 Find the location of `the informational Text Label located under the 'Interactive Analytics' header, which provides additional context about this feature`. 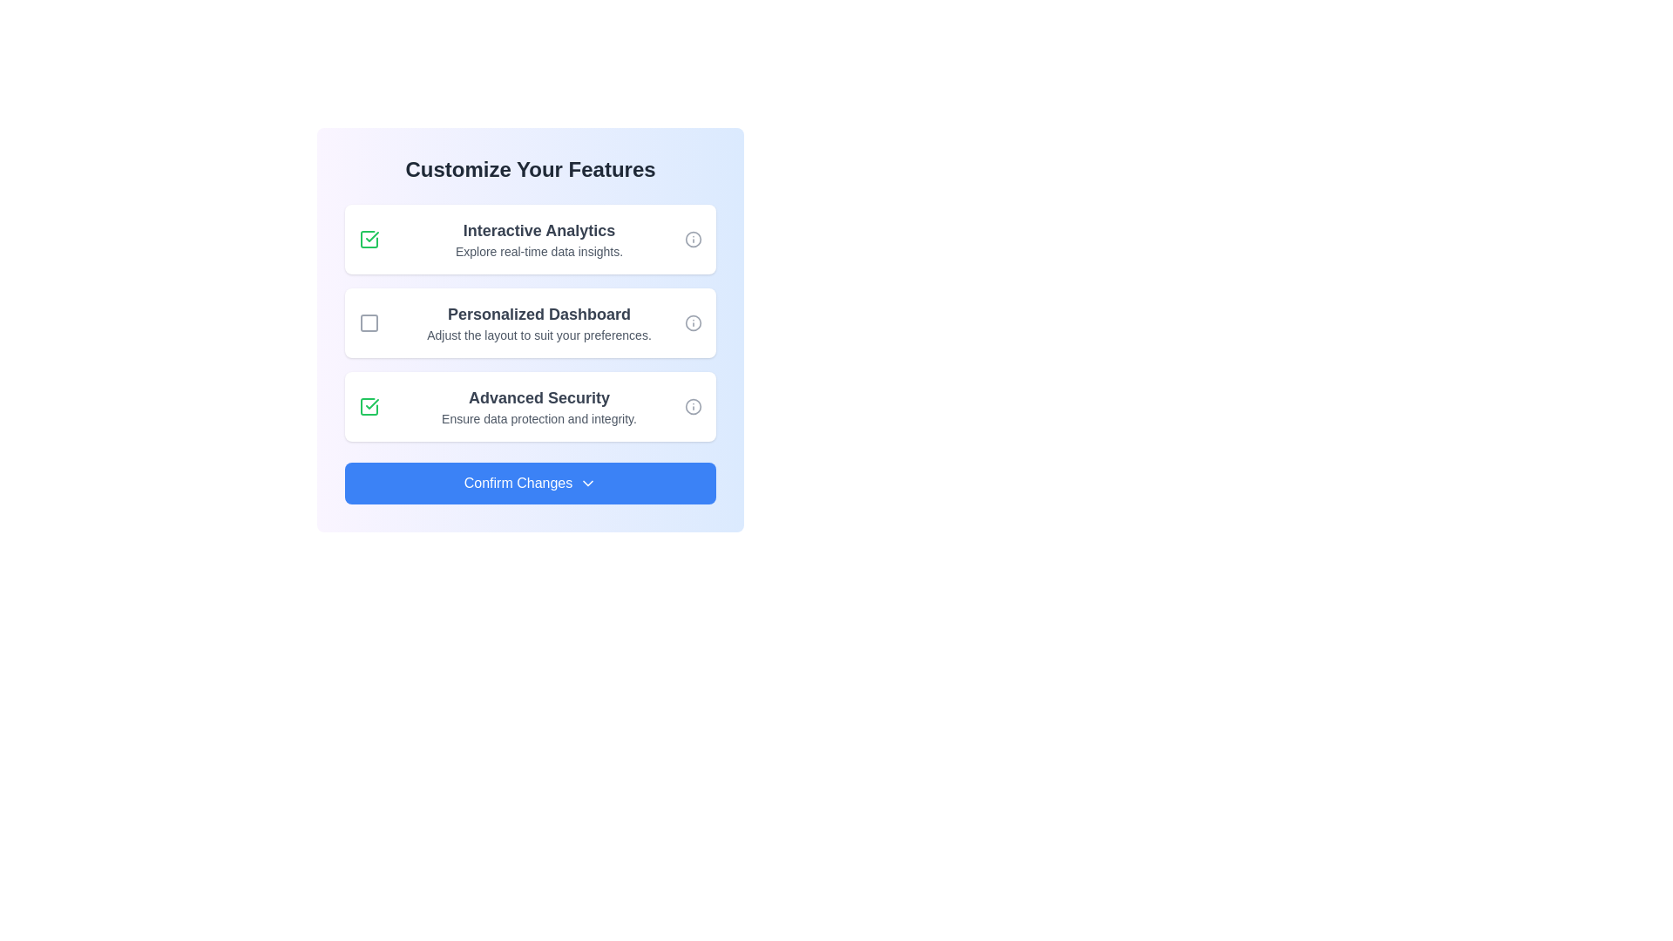

the informational Text Label located under the 'Interactive Analytics' header, which provides additional context about this feature is located at coordinates (538, 252).